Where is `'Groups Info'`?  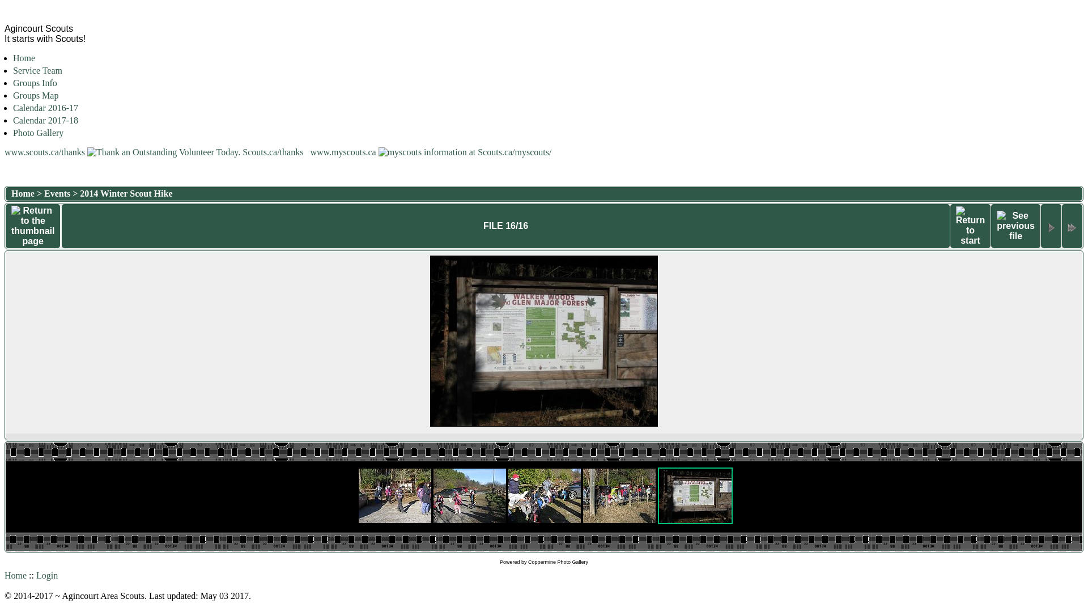
'Groups Info' is located at coordinates (35, 82).